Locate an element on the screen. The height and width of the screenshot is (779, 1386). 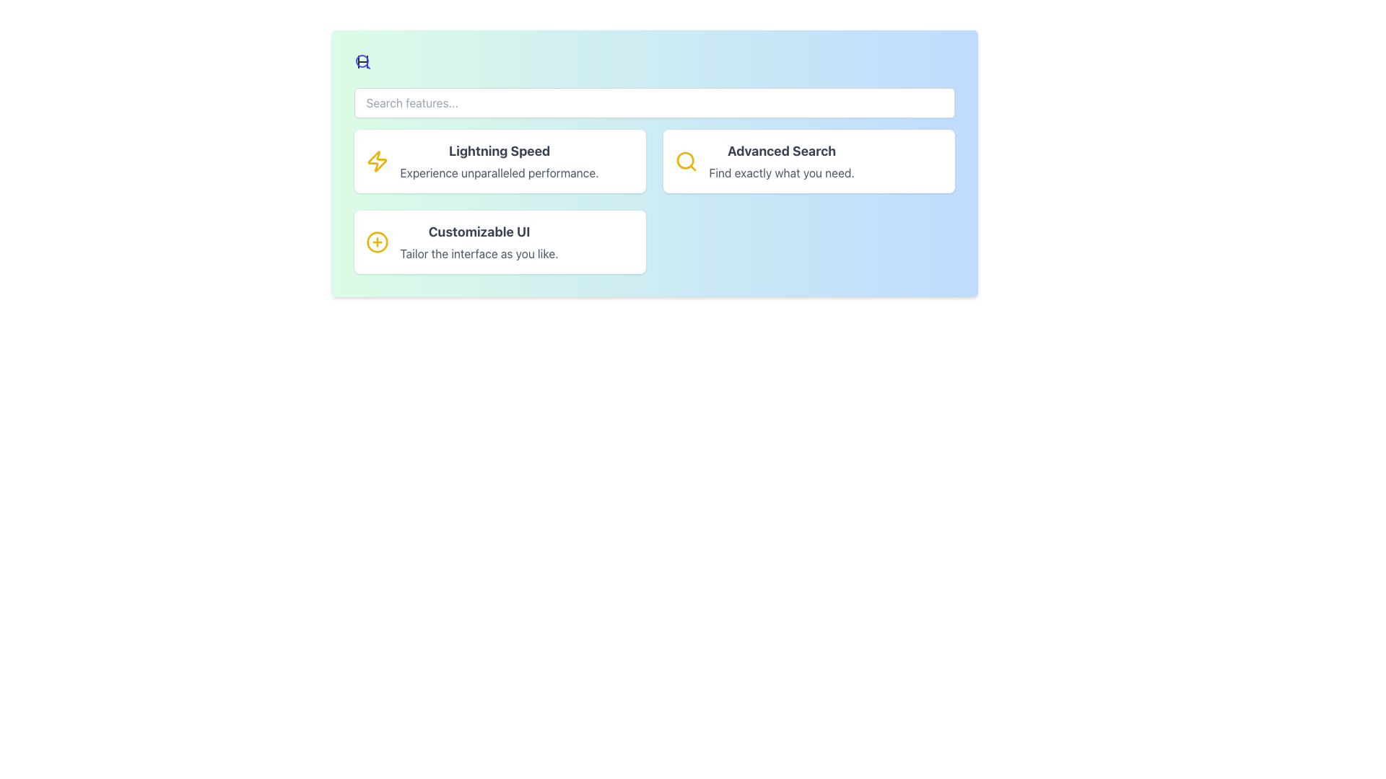
information presented in the 'Customizable UI' text content, which is displayed in bold and larger font above the subtitle in a smaller and lighter text, located within the third card from the left under the search bar is located at coordinates (479, 241).